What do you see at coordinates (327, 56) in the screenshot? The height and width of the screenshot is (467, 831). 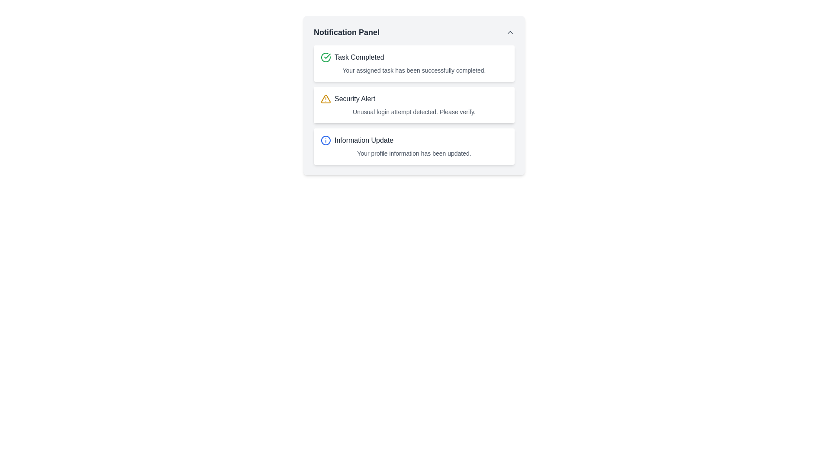 I see `the green checkmark symbol in the SVG graphic, which signifies successful completion, located to the left of the 'Task Completed' text within the notification card` at bounding box center [327, 56].